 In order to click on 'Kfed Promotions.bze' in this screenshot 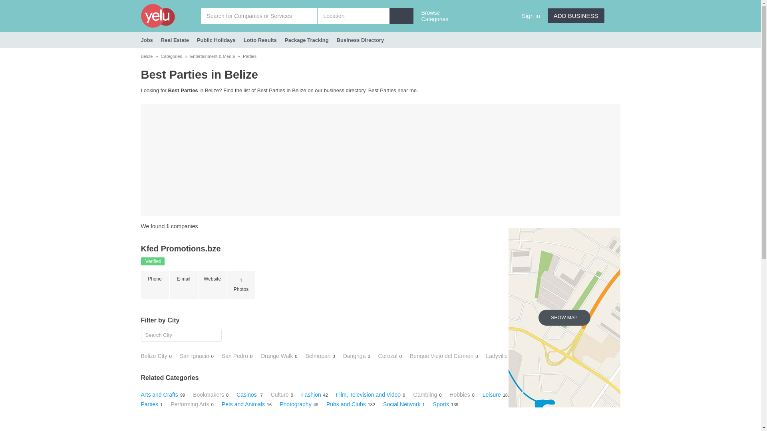, I will do `click(180, 248)`.